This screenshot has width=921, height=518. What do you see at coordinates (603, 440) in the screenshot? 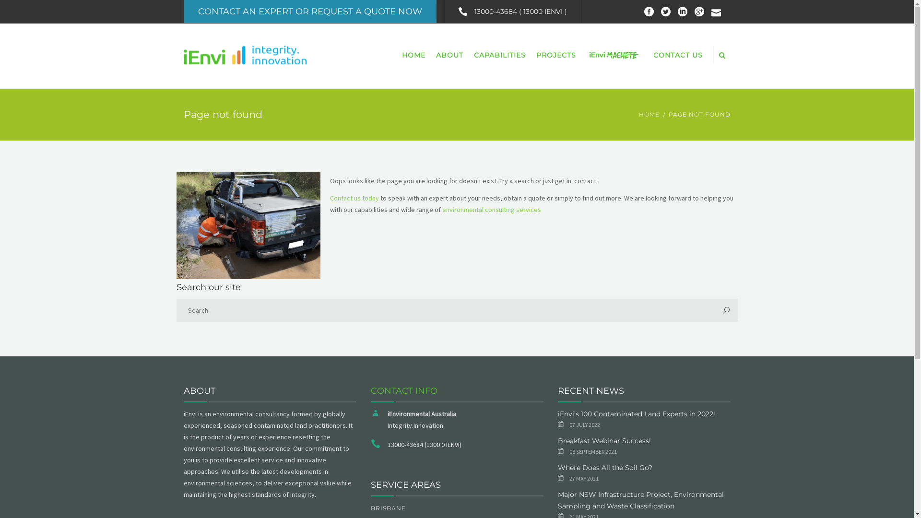
I see `'Breakfast Webinar Success!'` at bounding box center [603, 440].